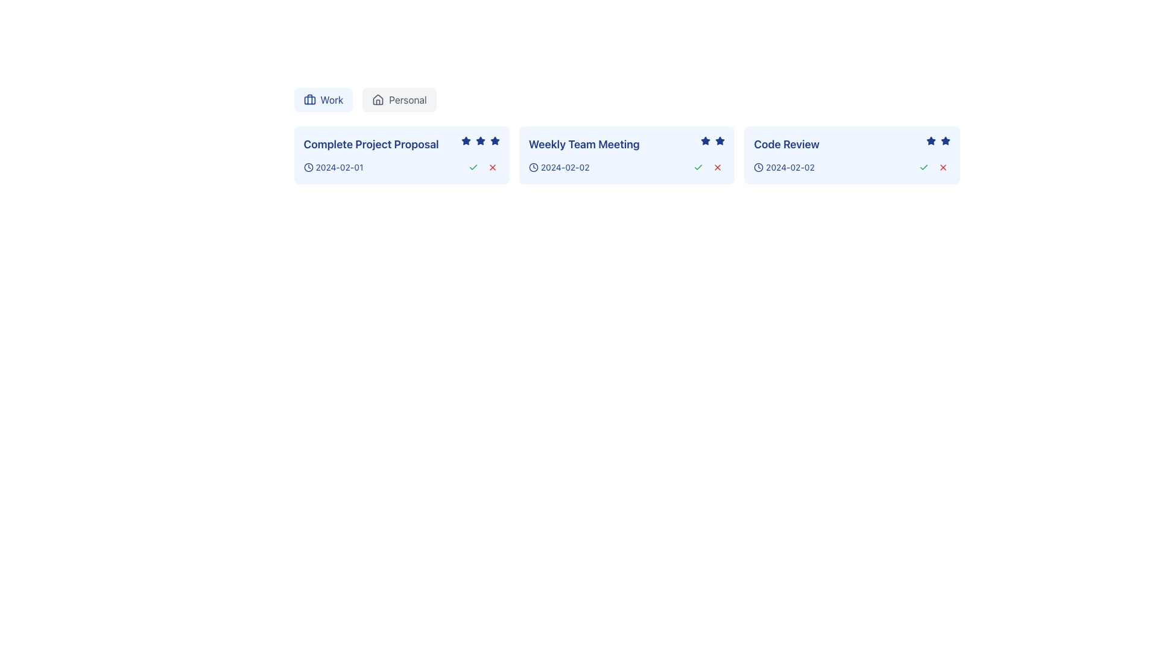 The height and width of the screenshot is (651, 1158). What do you see at coordinates (944, 140) in the screenshot?
I see `the rightmost star icon button in the 'Code Review' card for interaction` at bounding box center [944, 140].